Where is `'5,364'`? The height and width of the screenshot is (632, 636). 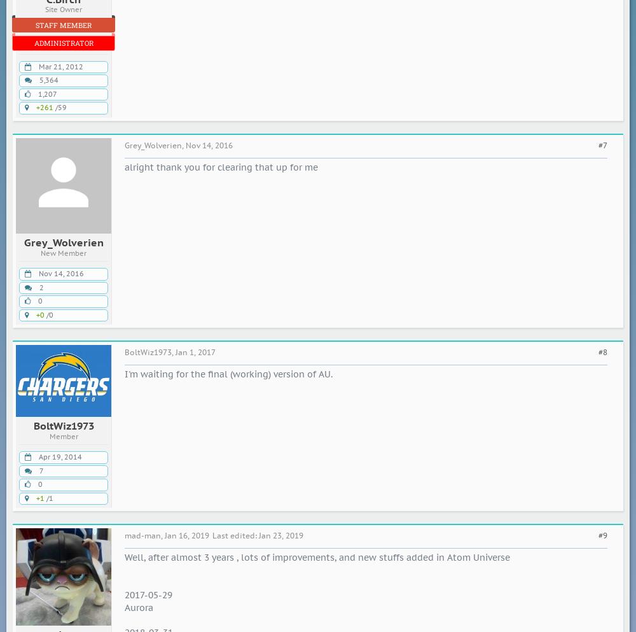
'5,364' is located at coordinates (39, 80).